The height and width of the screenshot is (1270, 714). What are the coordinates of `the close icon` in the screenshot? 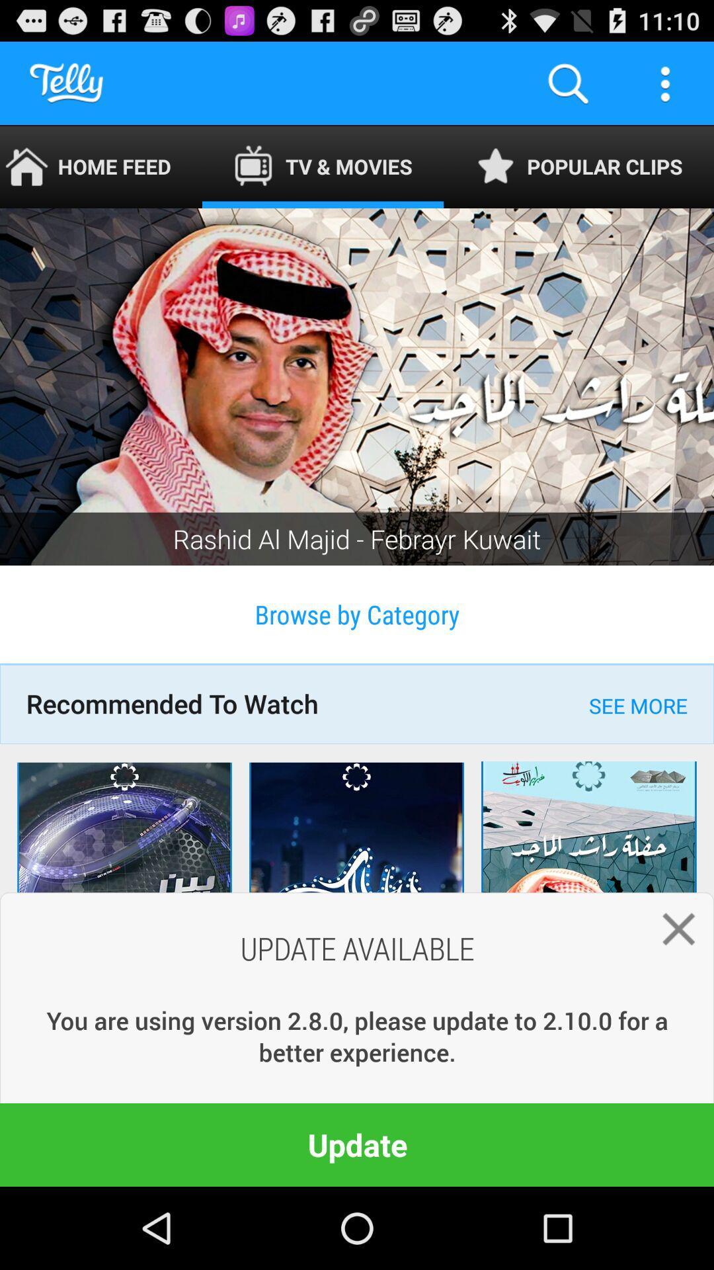 It's located at (672, 999).